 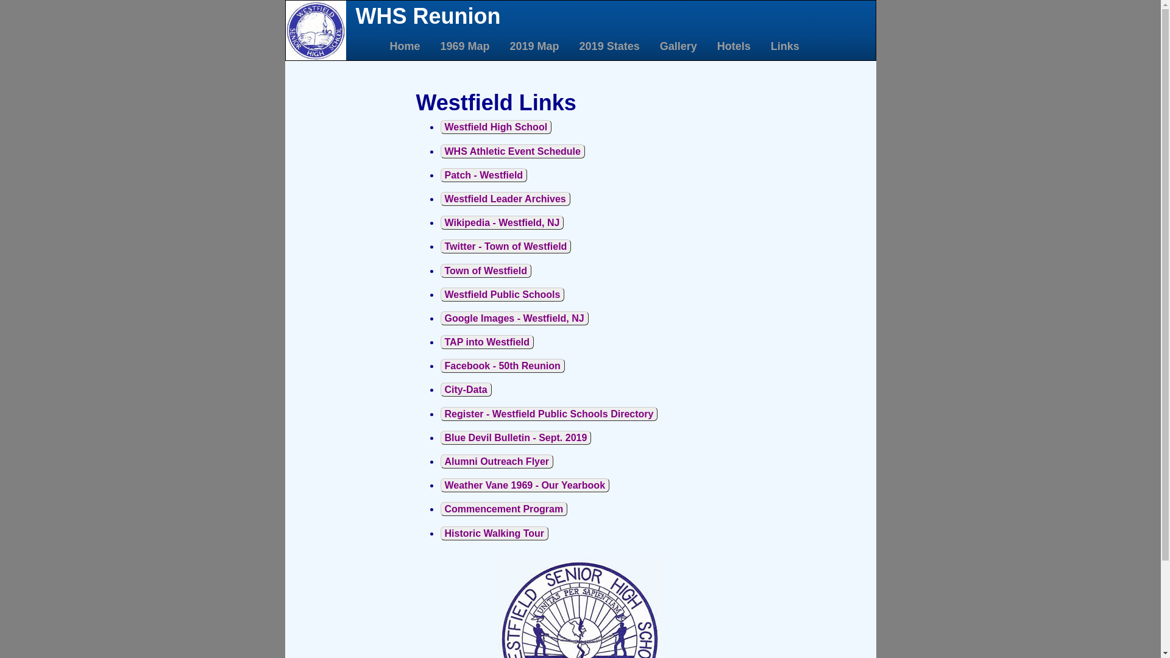 What do you see at coordinates (403, 46) in the screenshot?
I see `'Home'` at bounding box center [403, 46].